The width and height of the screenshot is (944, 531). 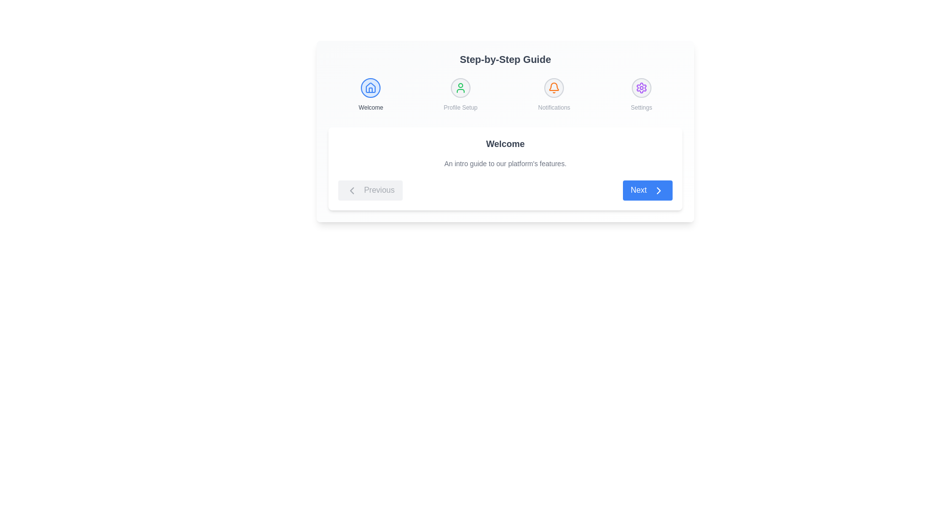 I want to click on the 'Notifications' icon, so click(x=554, y=94).